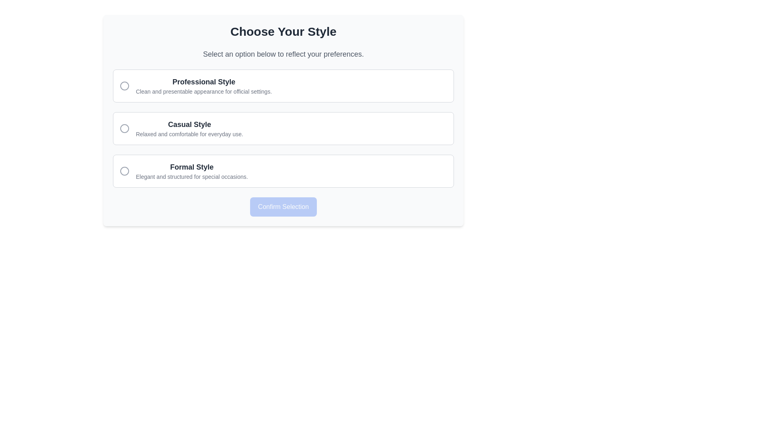  What do you see at coordinates (283, 128) in the screenshot?
I see `the 'Casual Style' selectable option with the associated radio button` at bounding box center [283, 128].